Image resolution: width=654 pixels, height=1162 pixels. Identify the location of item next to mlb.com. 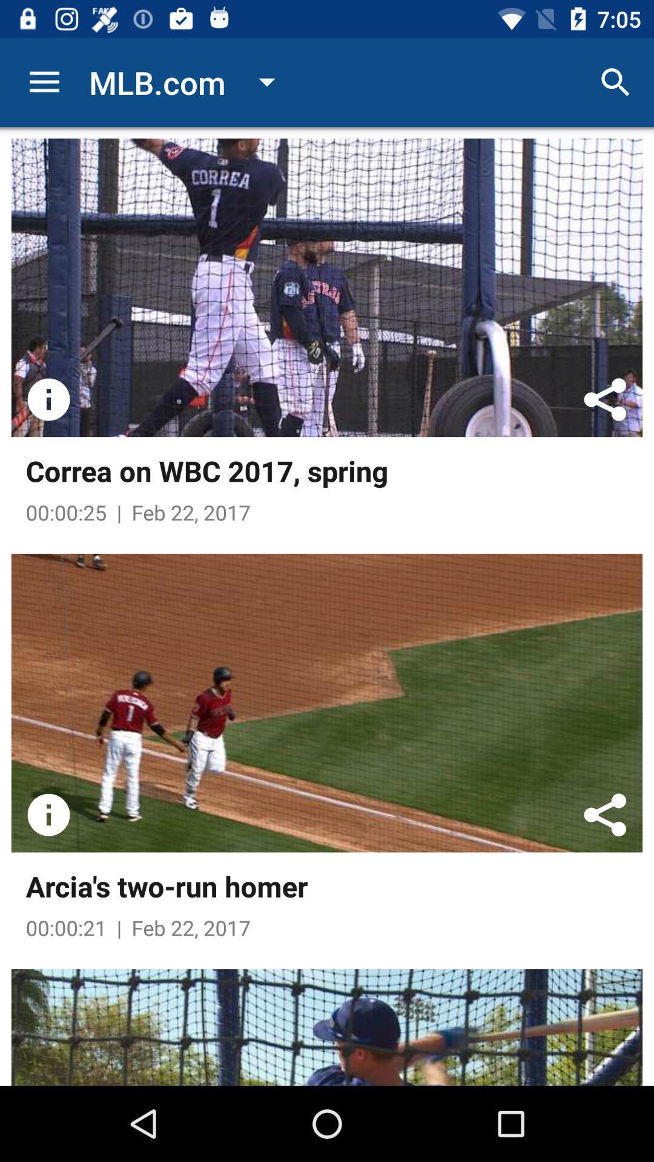
(44, 82).